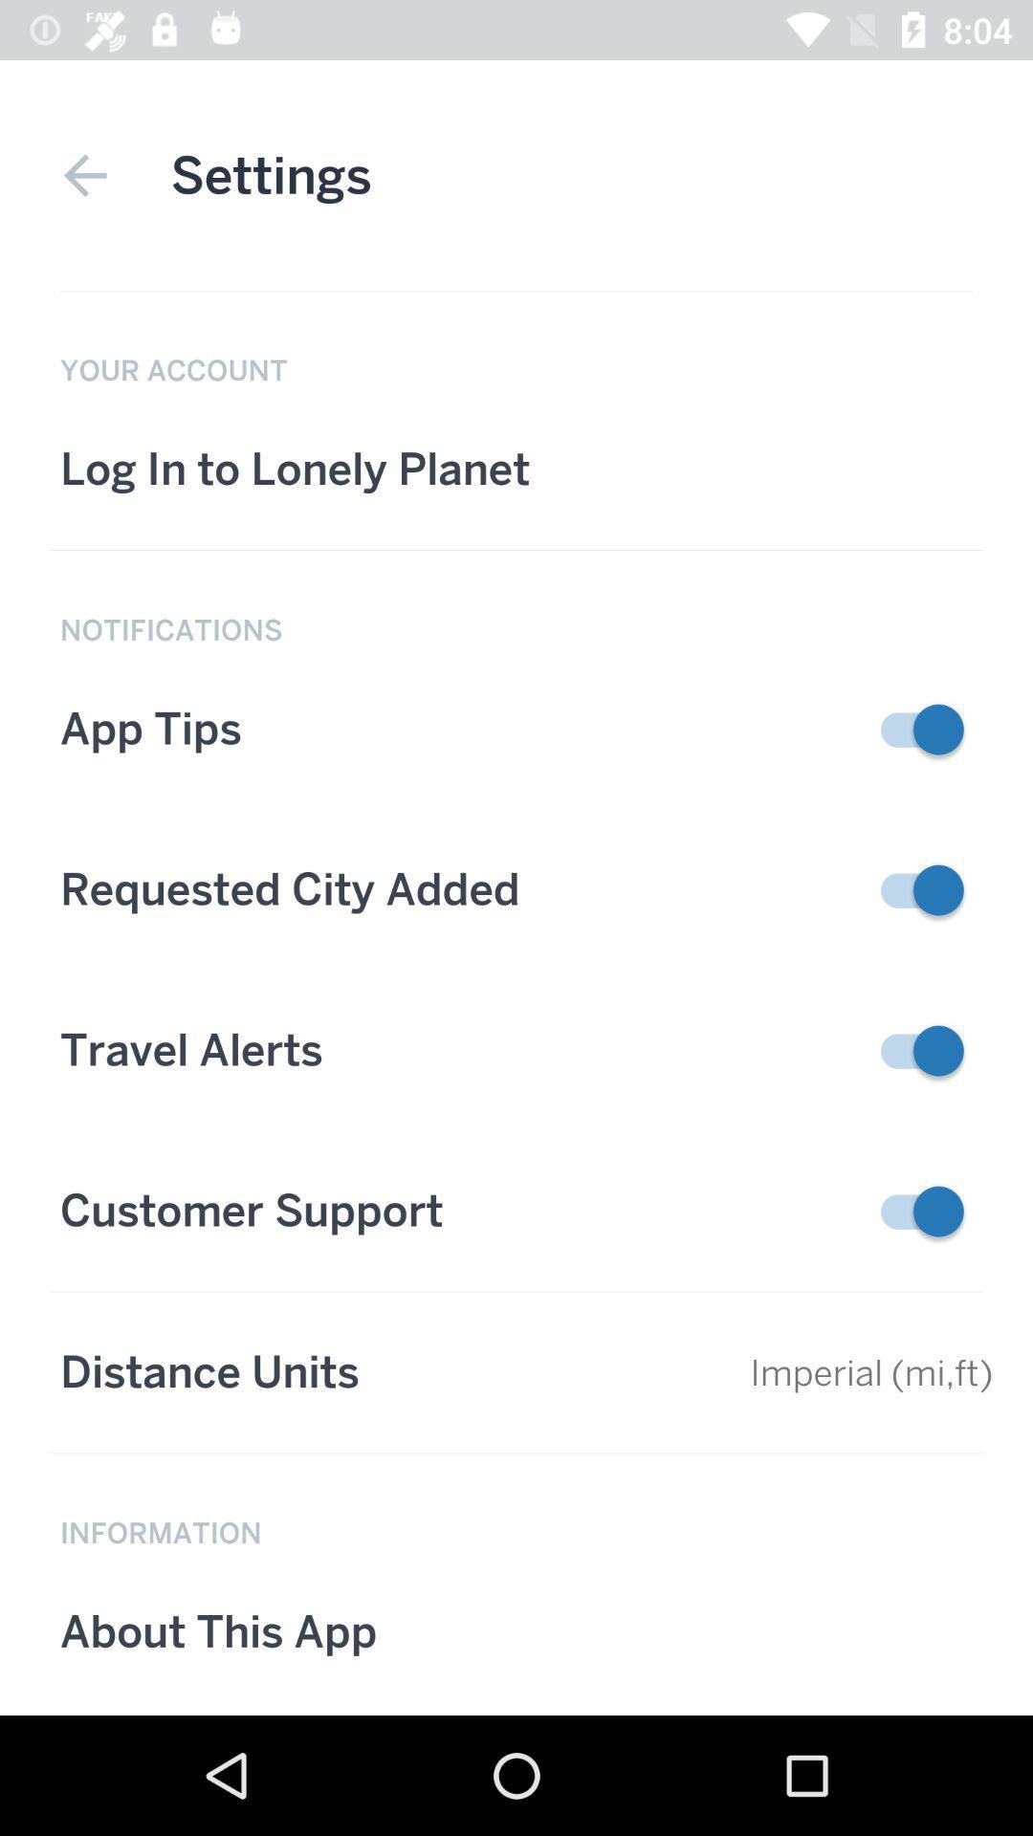  I want to click on the text which is immediately above information, so click(516, 1371).